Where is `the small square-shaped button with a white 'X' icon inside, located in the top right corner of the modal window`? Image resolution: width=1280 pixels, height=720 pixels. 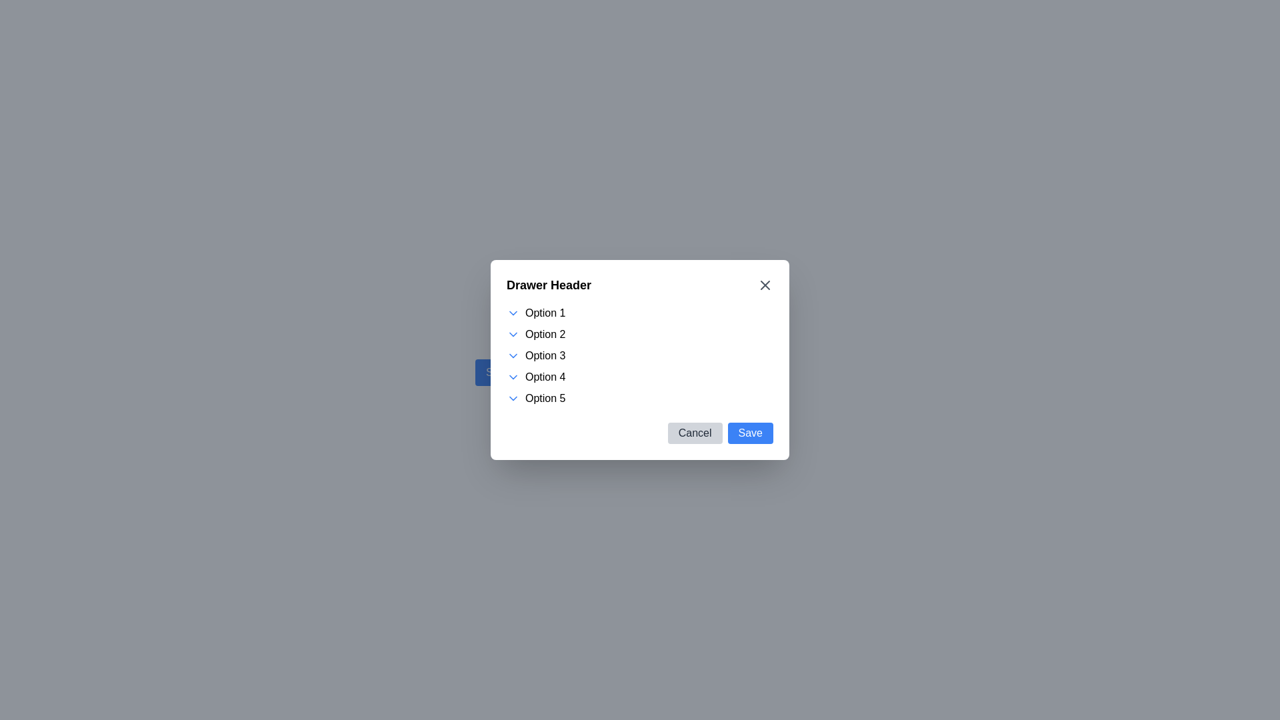 the small square-shaped button with a white 'X' icon inside, located in the top right corner of the modal window is located at coordinates (765, 285).